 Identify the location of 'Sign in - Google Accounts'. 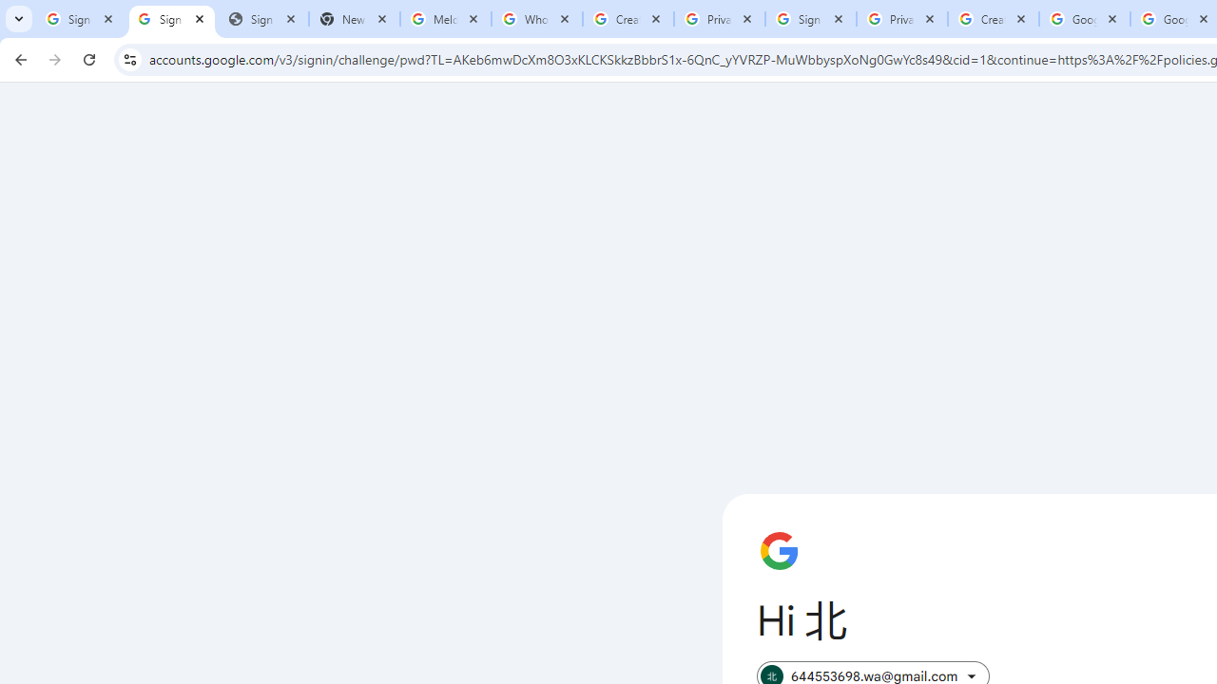
(80, 19).